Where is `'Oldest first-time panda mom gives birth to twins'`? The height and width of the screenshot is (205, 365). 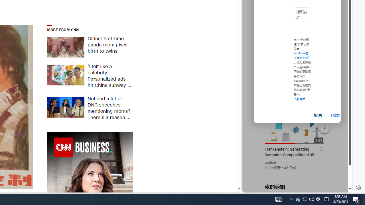 'Oldest first-time panda mom gives birth to twins' is located at coordinates (108, 47).